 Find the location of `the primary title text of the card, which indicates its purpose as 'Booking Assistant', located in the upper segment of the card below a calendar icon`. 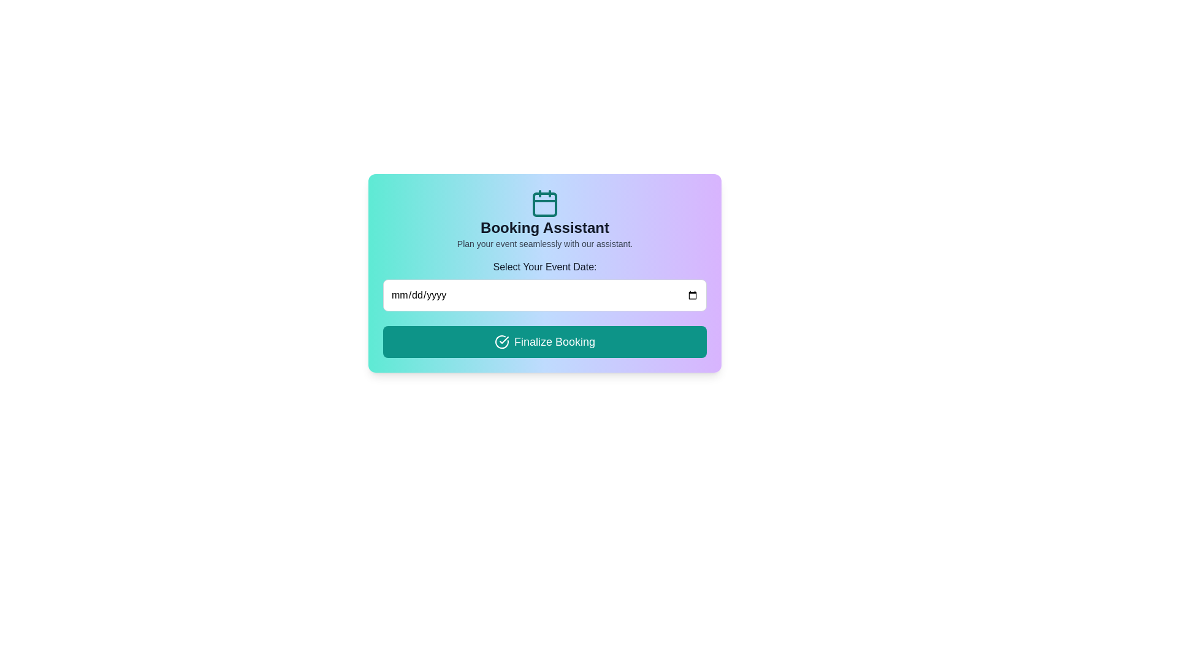

the primary title text of the card, which indicates its purpose as 'Booking Assistant', located in the upper segment of the card below a calendar icon is located at coordinates (544, 227).